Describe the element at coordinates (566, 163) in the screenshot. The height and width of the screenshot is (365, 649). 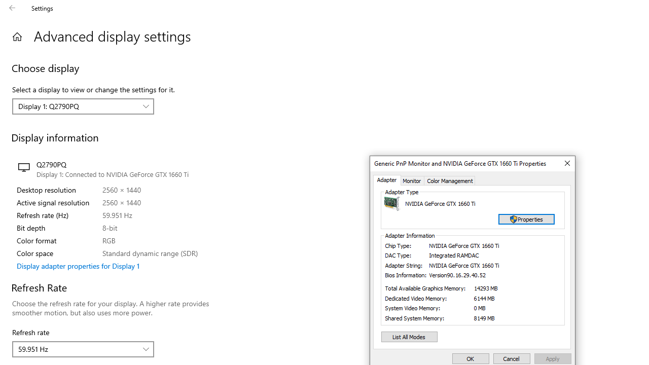
I see `'Close'` at that location.